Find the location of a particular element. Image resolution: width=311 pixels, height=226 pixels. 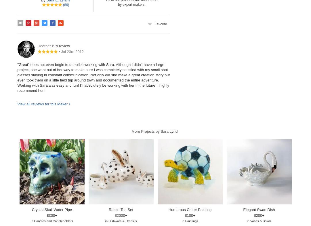

'by expert makers.' is located at coordinates (131, 4).